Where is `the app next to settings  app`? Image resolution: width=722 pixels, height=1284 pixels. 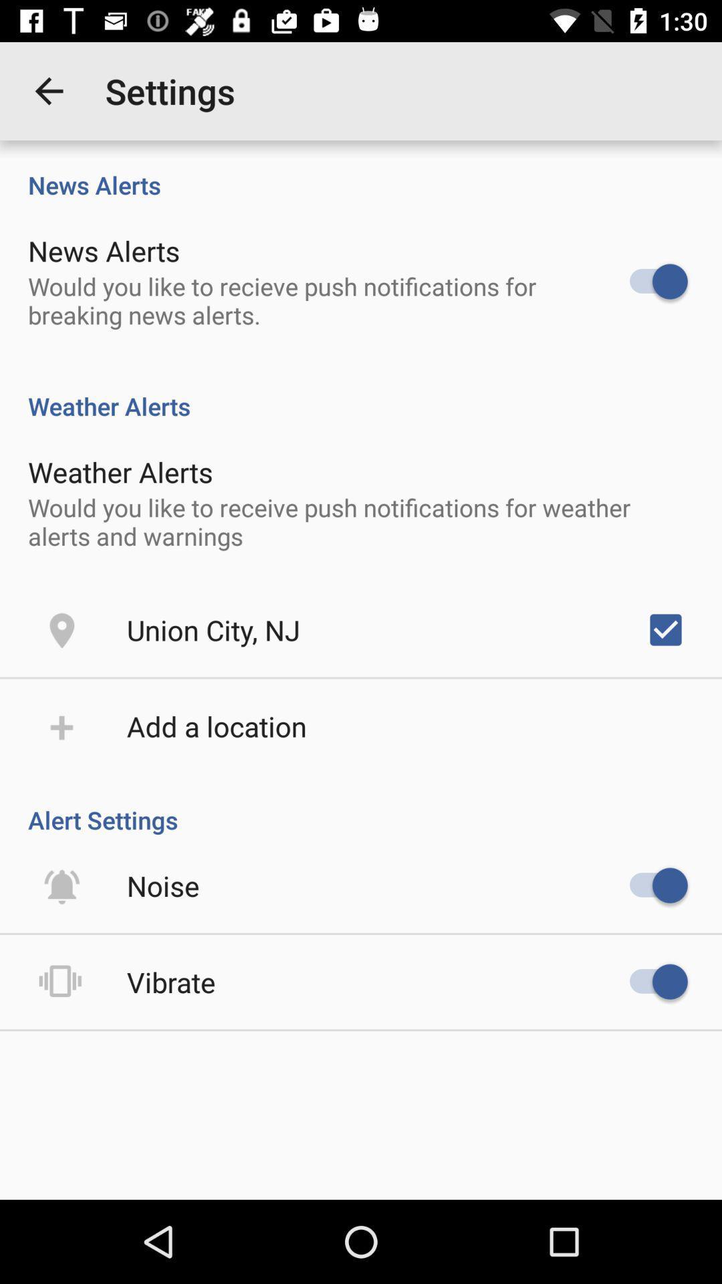
the app next to settings  app is located at coordinates (48, 90).